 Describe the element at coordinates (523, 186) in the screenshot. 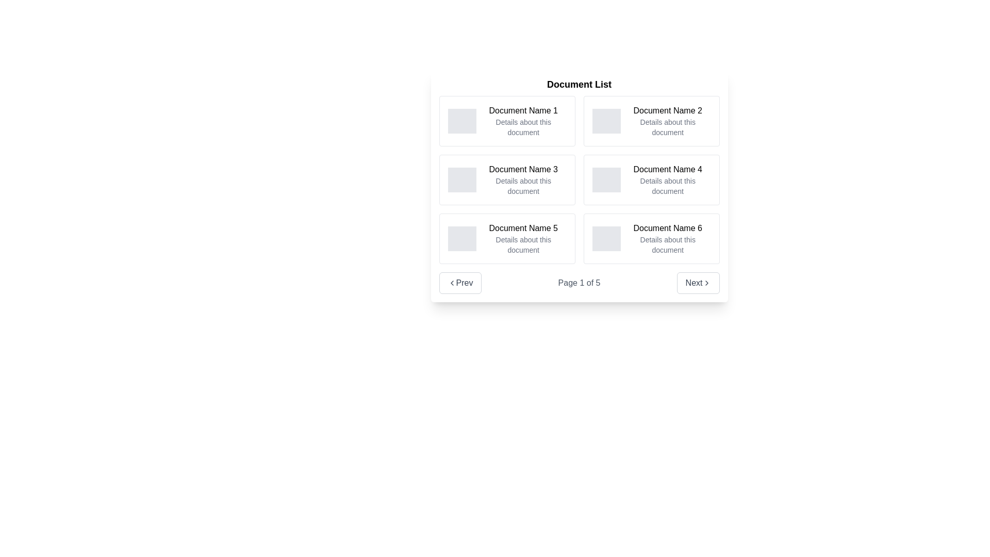

I see `the non-interactive text label providing additional information about 'Document Name 3', located in the second row and first column of the grid layout` at that location.